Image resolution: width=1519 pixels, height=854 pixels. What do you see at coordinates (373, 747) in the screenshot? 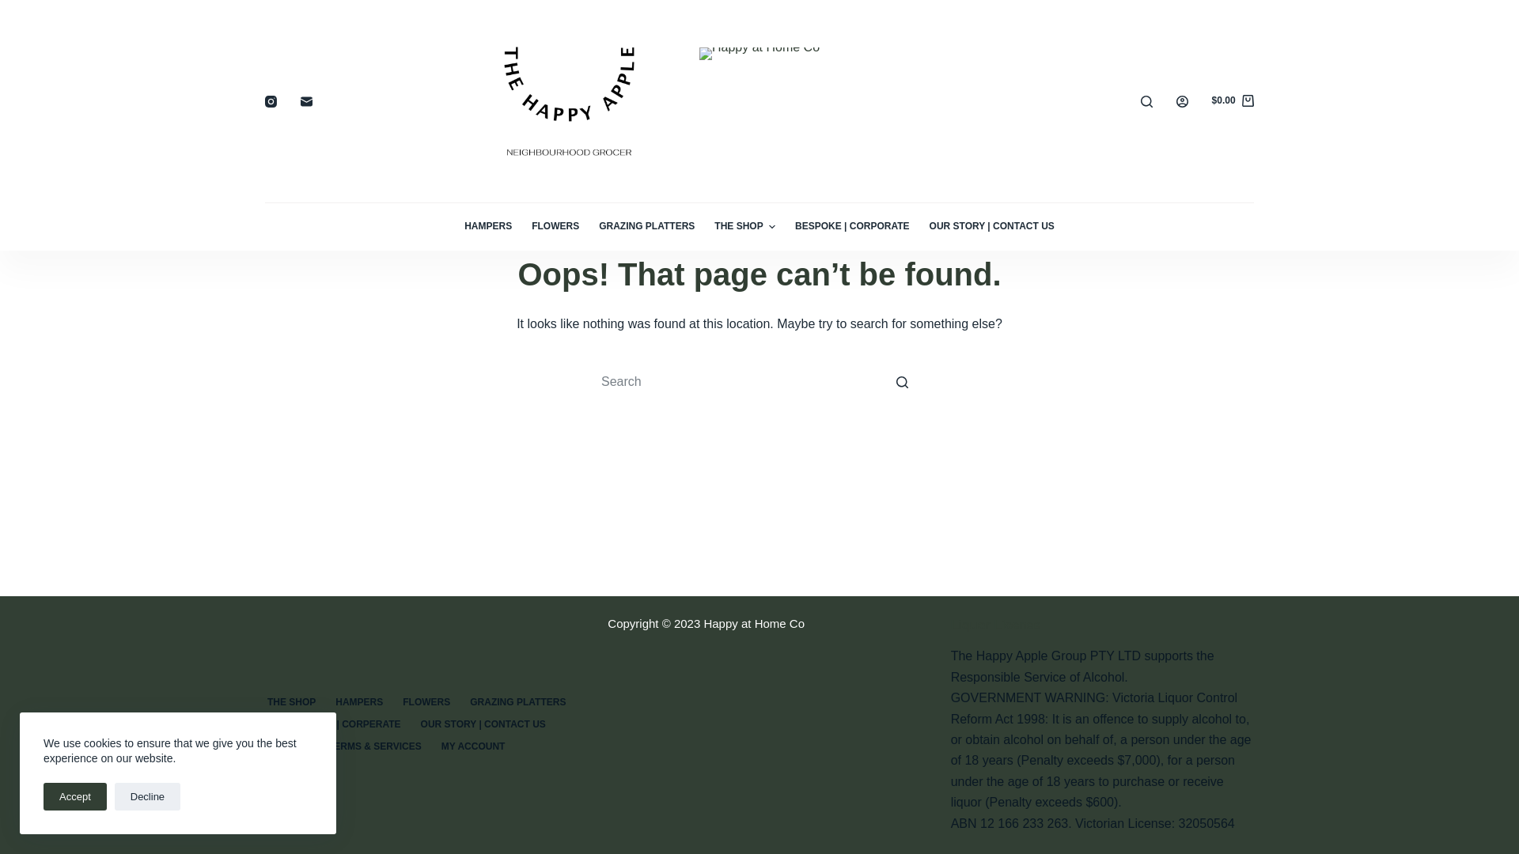
I see `'TERMS & SERVICES'` at bounding box center [373, 747].